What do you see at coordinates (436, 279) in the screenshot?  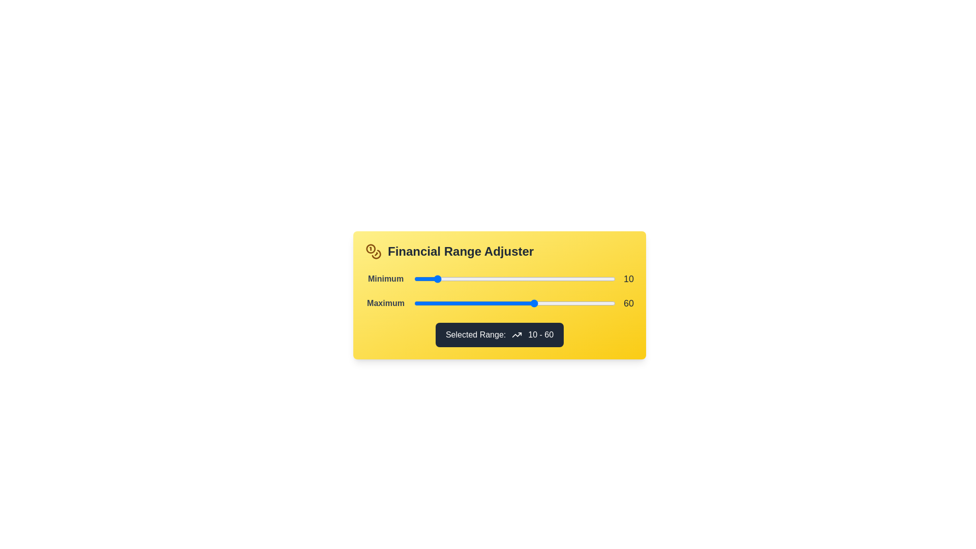 I see `the 'Minimum' slider to 11 within its range` at bounding box center [436, 279].